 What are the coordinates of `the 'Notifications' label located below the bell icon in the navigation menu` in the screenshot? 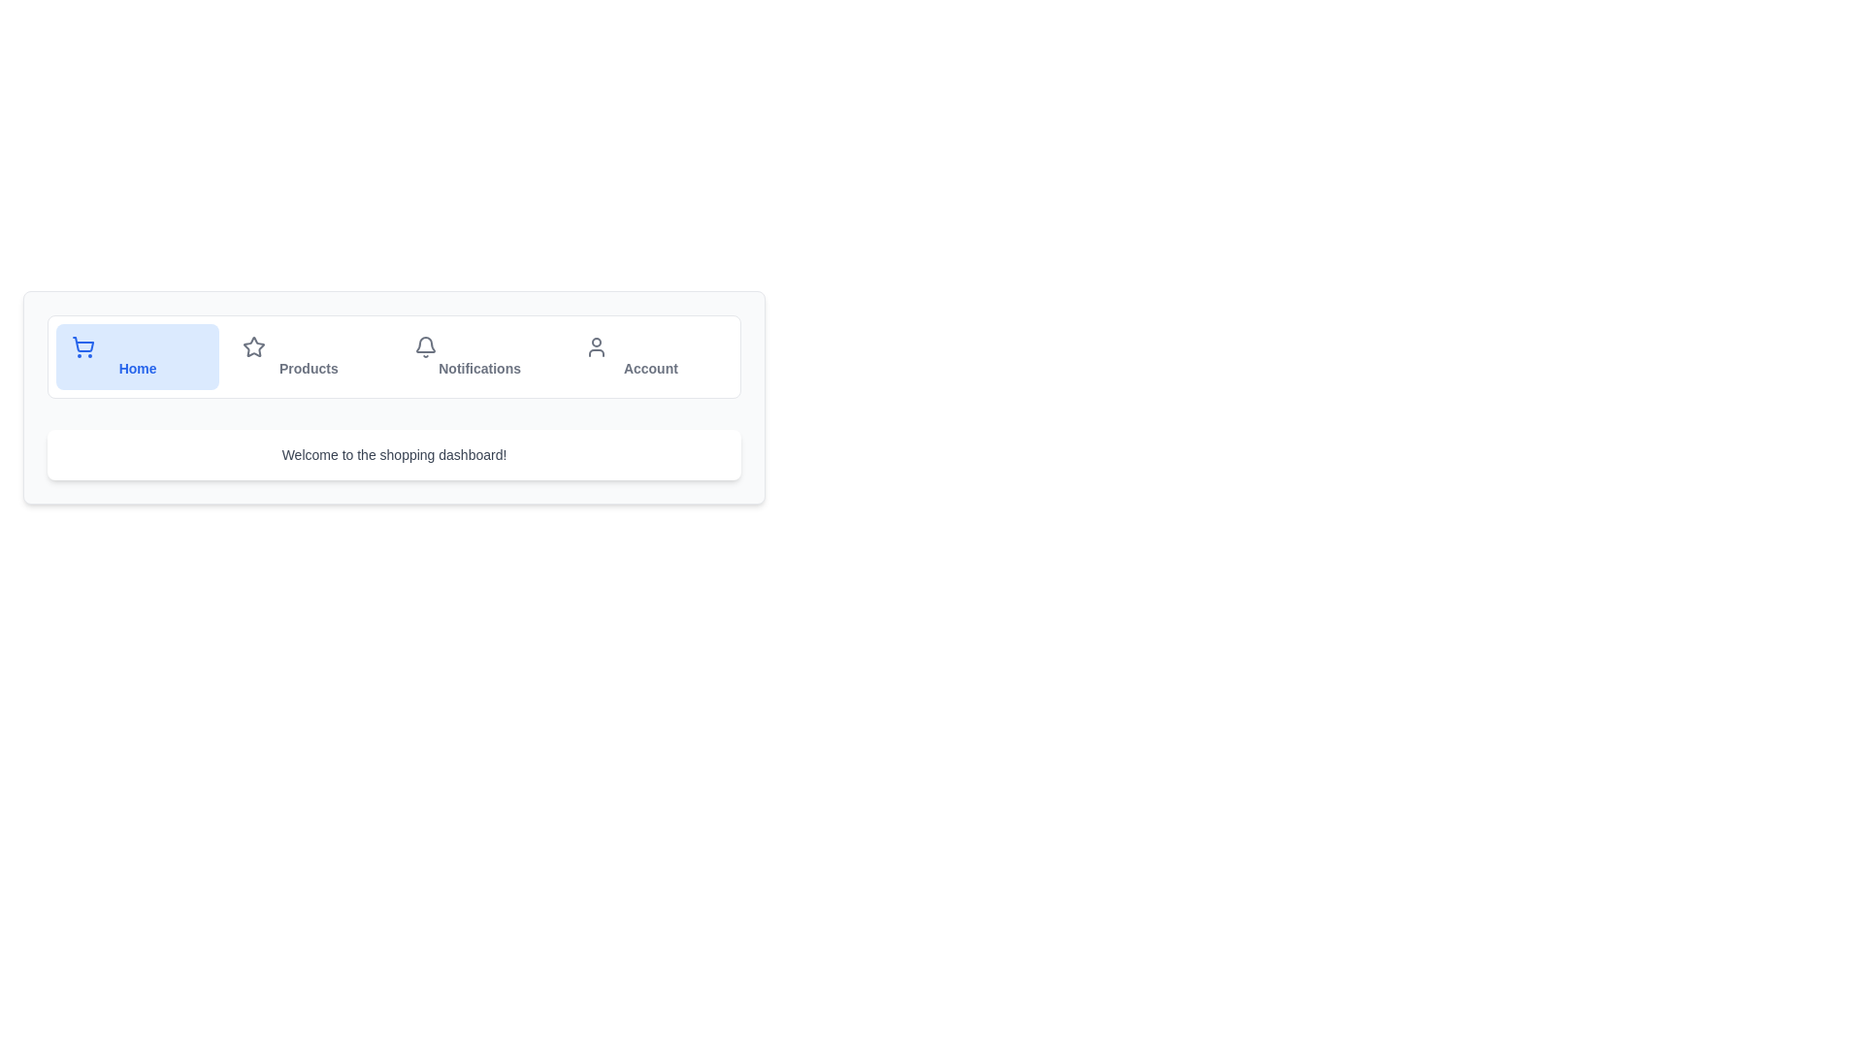 It's located at (479, 369).